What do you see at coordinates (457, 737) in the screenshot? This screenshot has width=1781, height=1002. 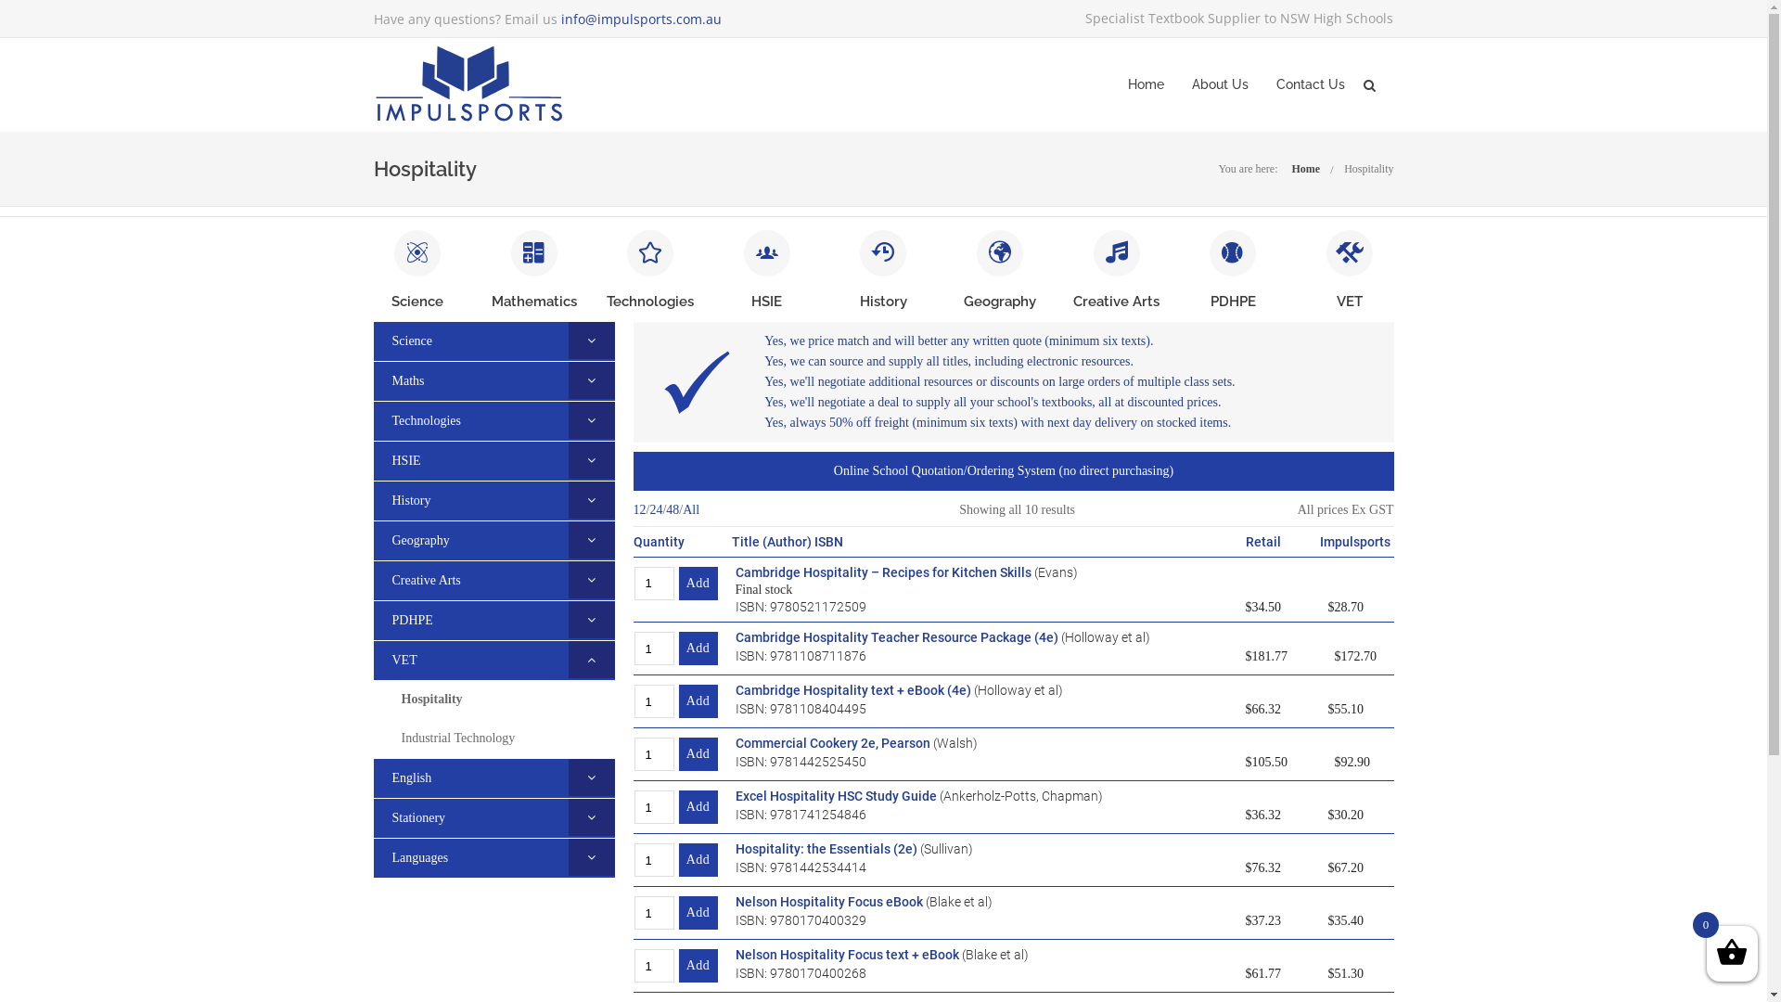 I see `'Industrial Technology'` at bounding box center [457, 737].